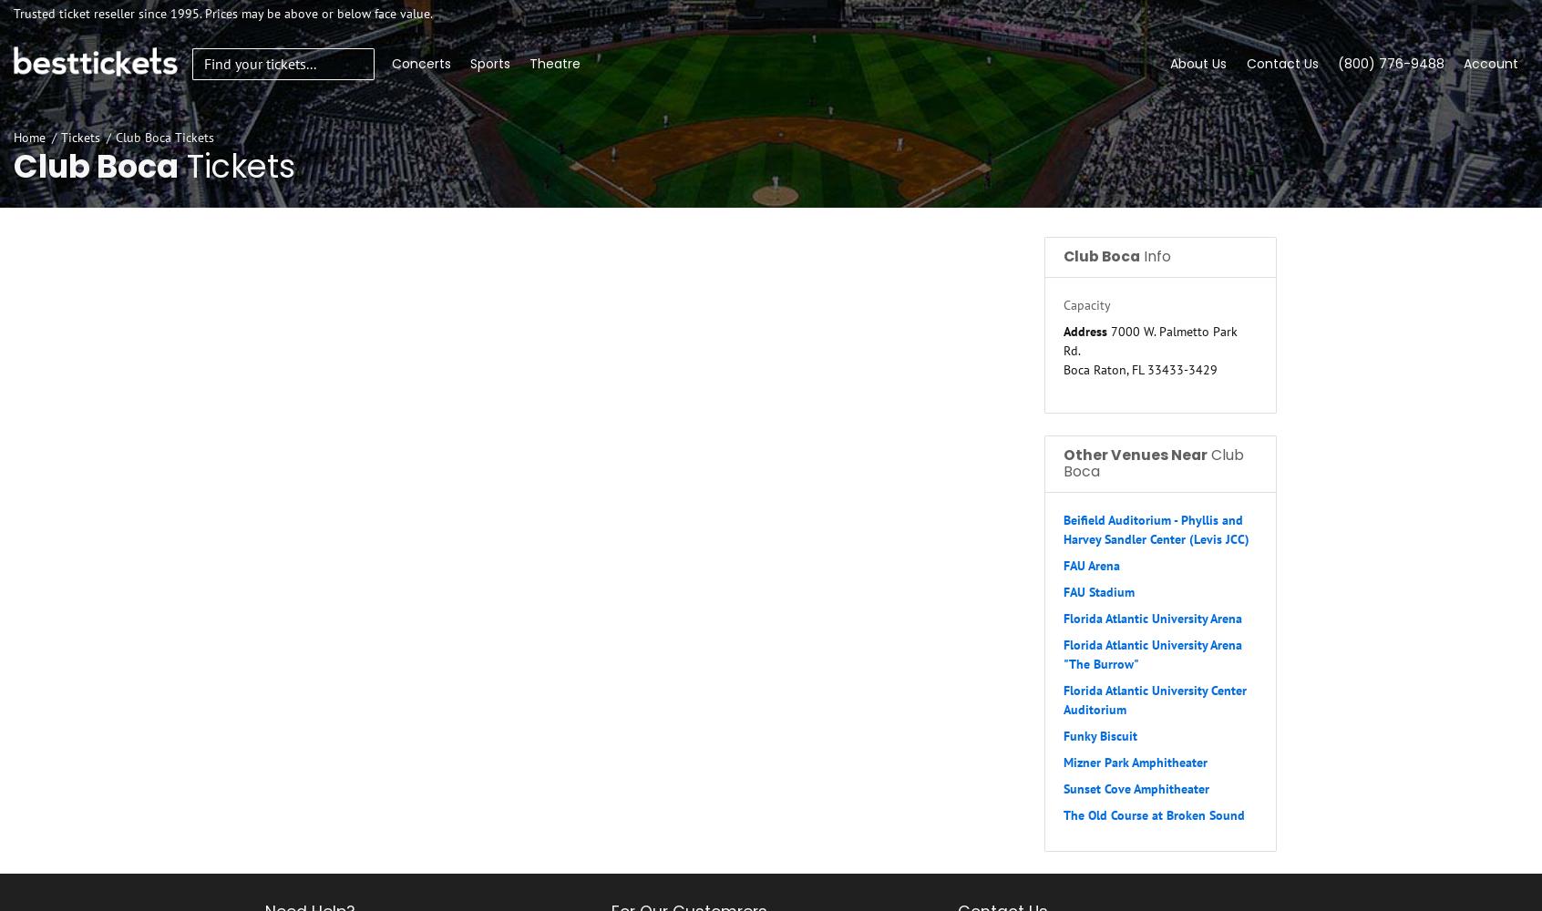 This screenshot has height=911, width=1542. I want to click on 'Beifield Auditorium - Phyllis and Harvey Sandler Center (Levis JCC)', so click(1156, 528).